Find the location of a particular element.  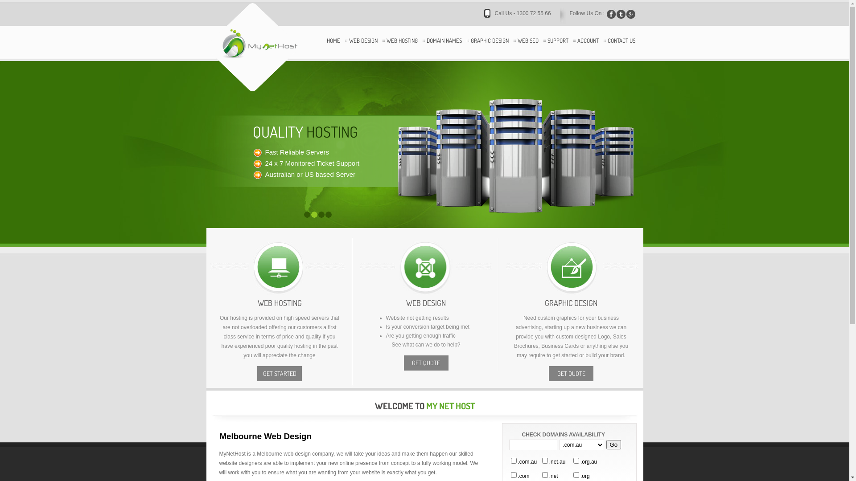

'GET STARTED' is located at coordinates (279, 374).